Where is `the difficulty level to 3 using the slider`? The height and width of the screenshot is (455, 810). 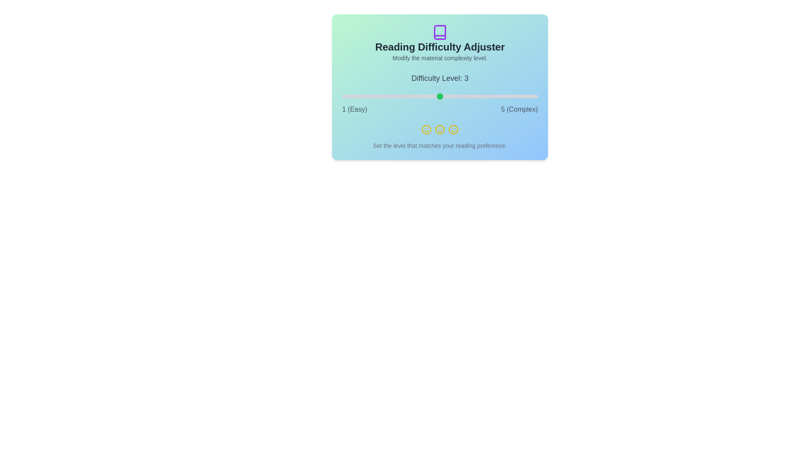 the difficulty level to 3 using the slider is located at coordinates (439, 96).